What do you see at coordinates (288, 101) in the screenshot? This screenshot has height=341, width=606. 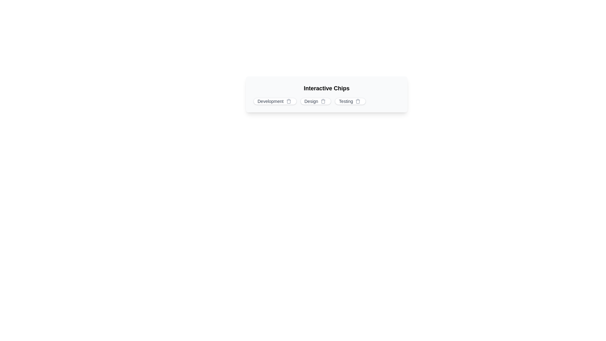 I see `the trash icon of the chip labeled Development to remove it` at bounding box center [288, 101].